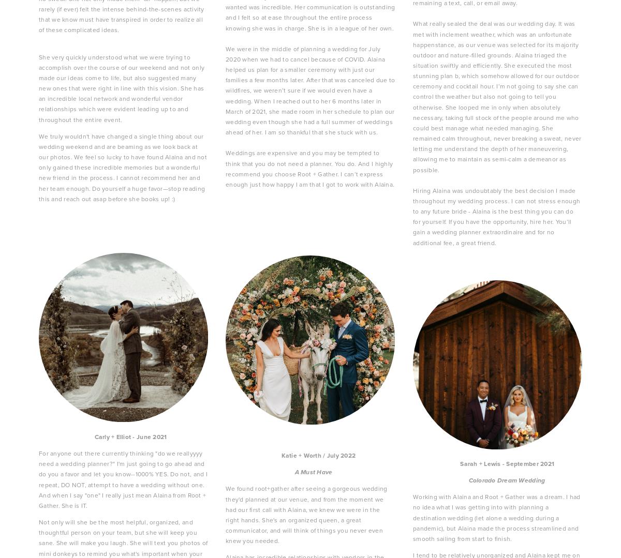 This screenshot has width=621, height=558. I want to click on 'Sarah + Lewis - September 2021', so click(484, 463).